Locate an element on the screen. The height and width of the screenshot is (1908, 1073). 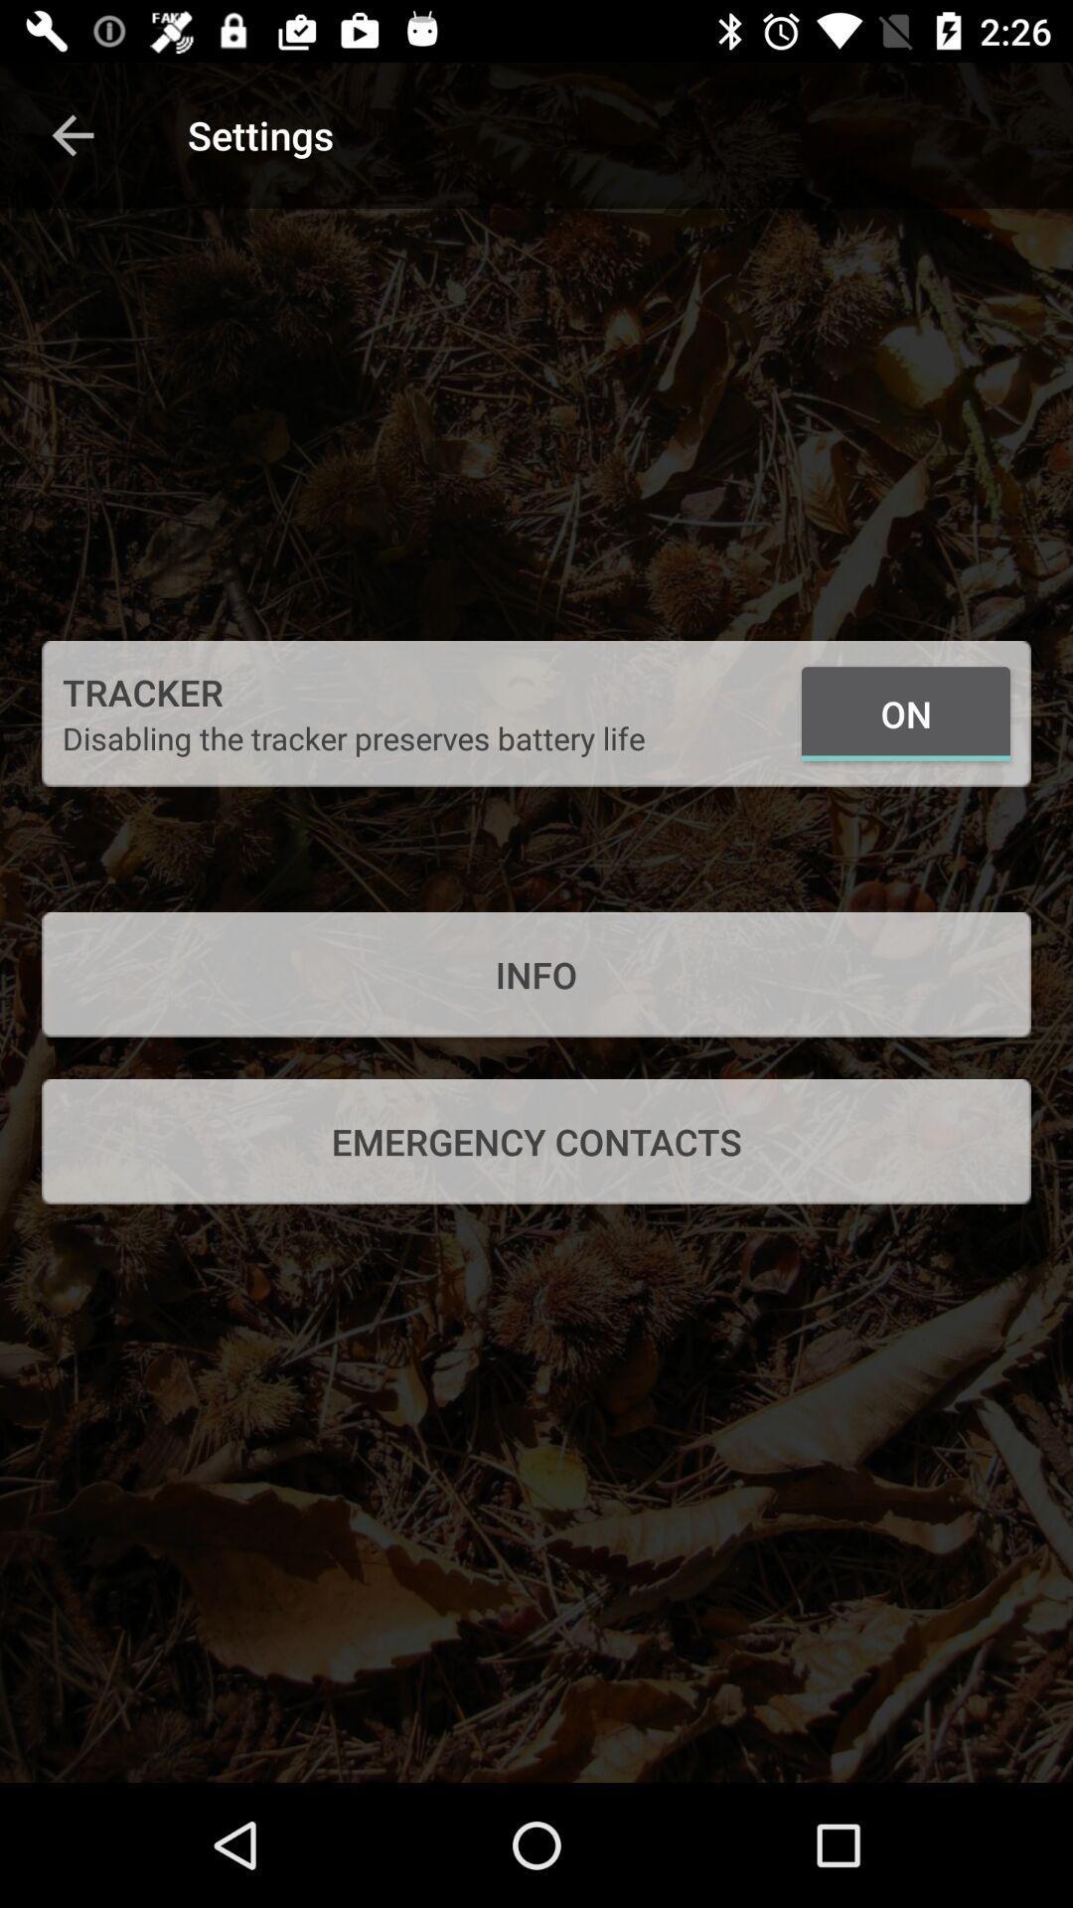
the item to the left of settings is located at coordinates (72, 134).